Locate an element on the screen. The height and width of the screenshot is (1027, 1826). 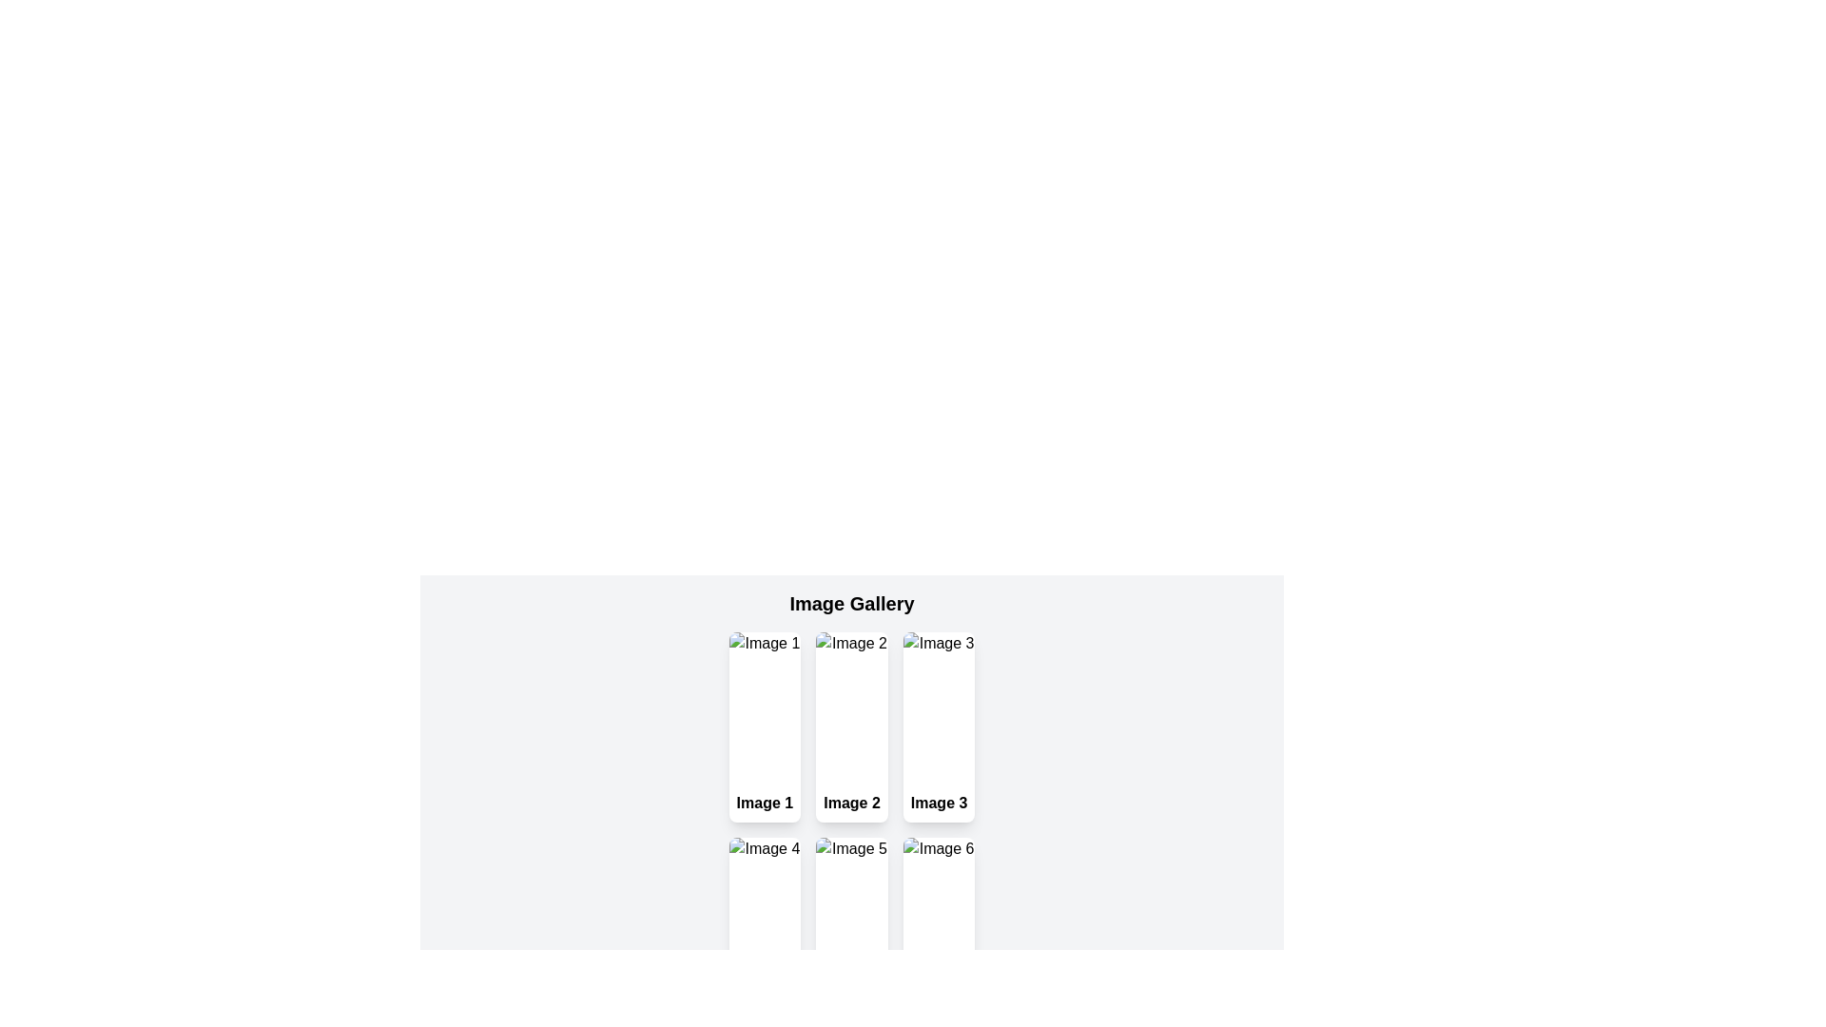
the image element representing the preview for the associated card located in the 'Image Gallery' section, positioned centrally in the third row and second column of the layout grid is located at coordinates (851, 912).